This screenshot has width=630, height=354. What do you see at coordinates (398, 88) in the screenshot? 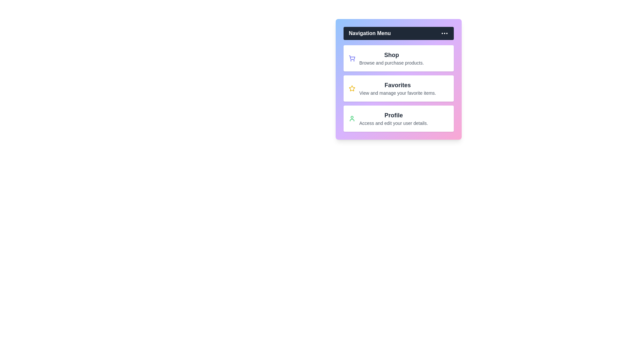
I see `the 'Favorites' item in the navigation menu` at bounding box center [398, 88].